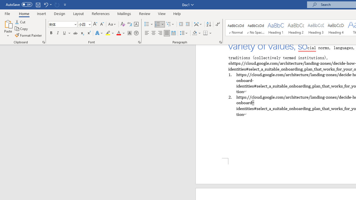 Image resolution: width=356 pixels, height=200 pixels. Describe the element at coordinates (95, 24) in the screenshot. I see `'Grow Font'` at that location.